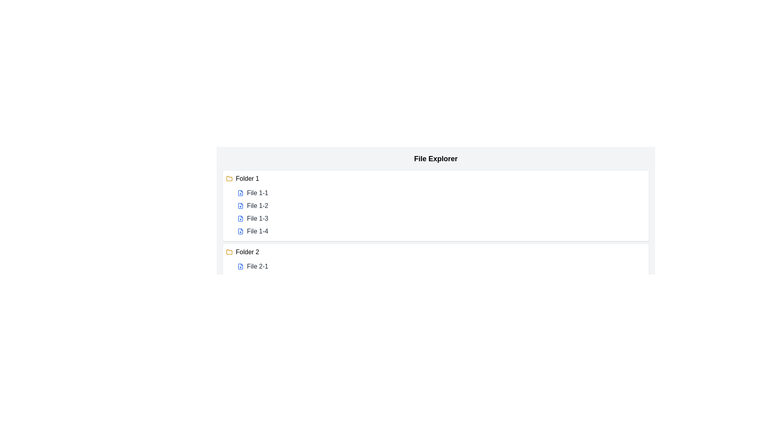 Image resolution: width=766 pixels, height=431 pixels. I want to click on the SVG Icon, so click(240, 266).